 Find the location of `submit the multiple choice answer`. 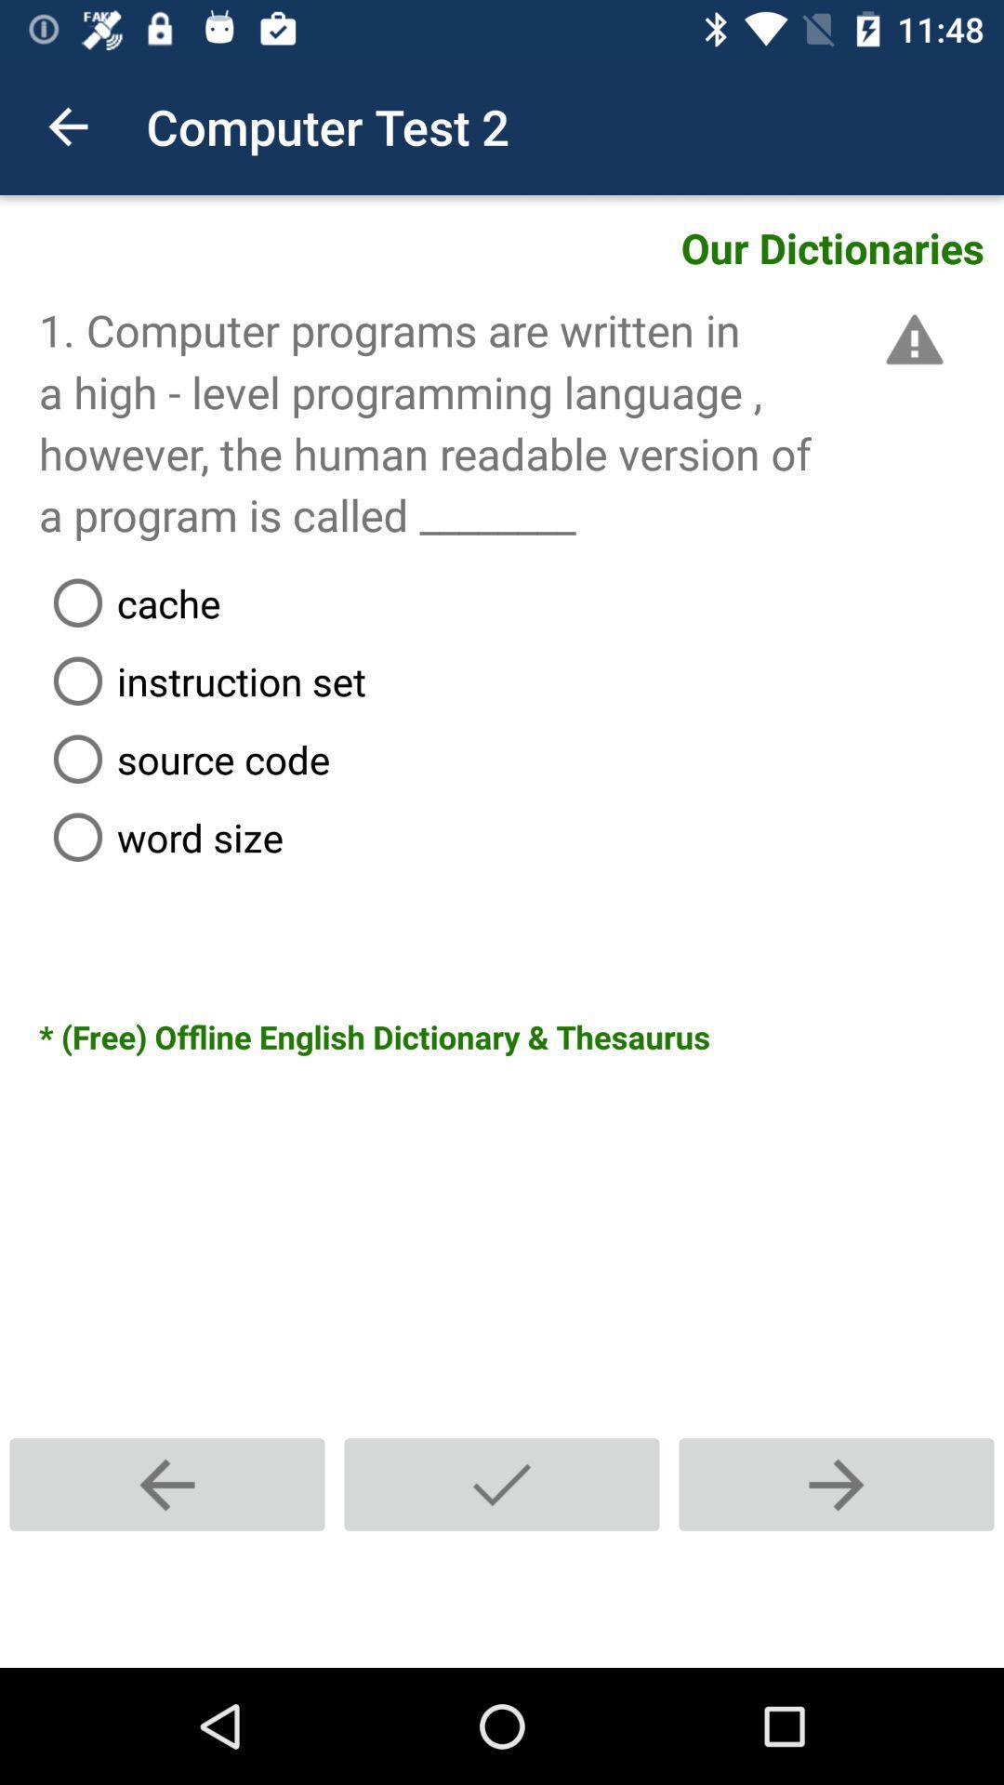

submit the multiple choice answer is located at coordinates (502, 1484).